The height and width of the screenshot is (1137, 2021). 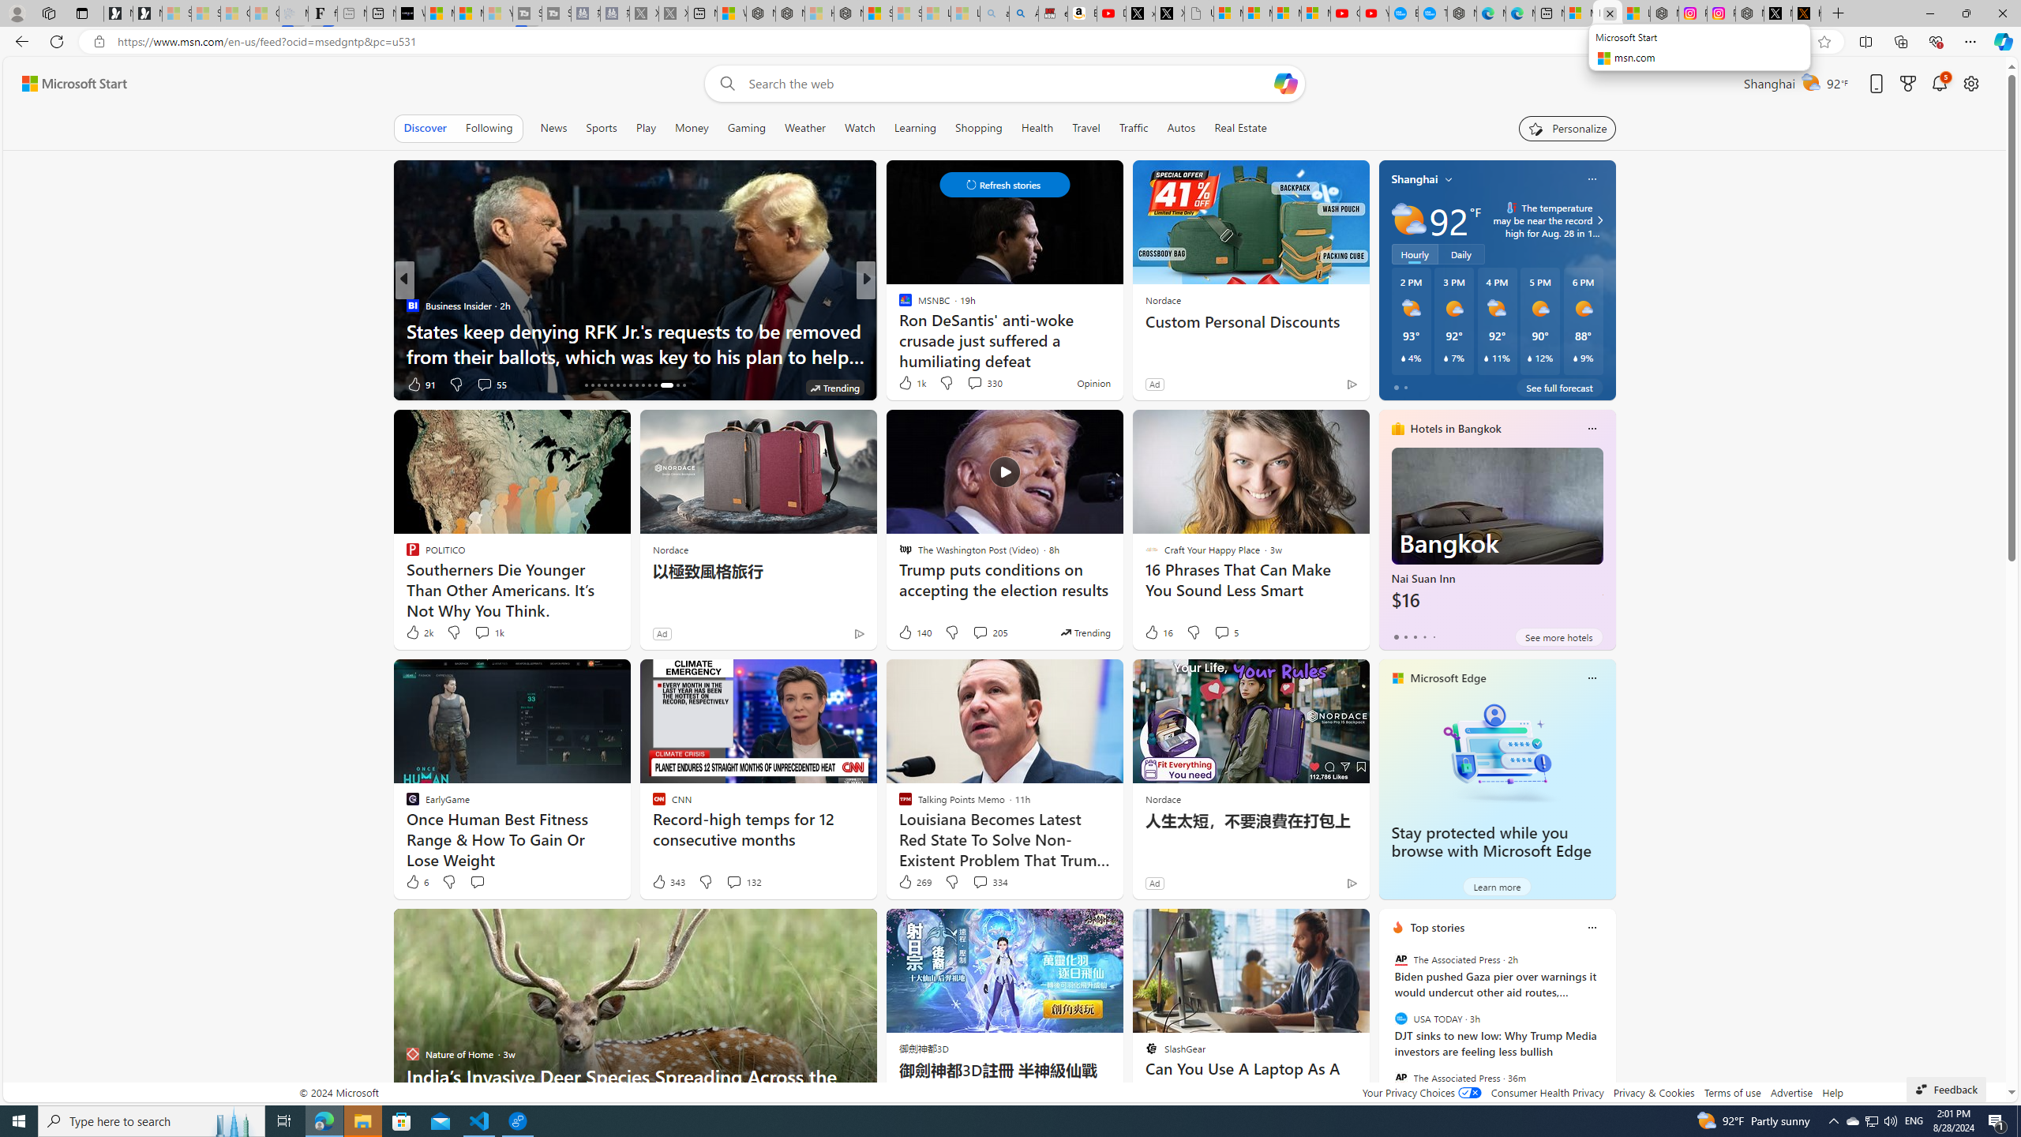 I want to click on 'Nai Suan Inn', so click(x=1496, y=535).